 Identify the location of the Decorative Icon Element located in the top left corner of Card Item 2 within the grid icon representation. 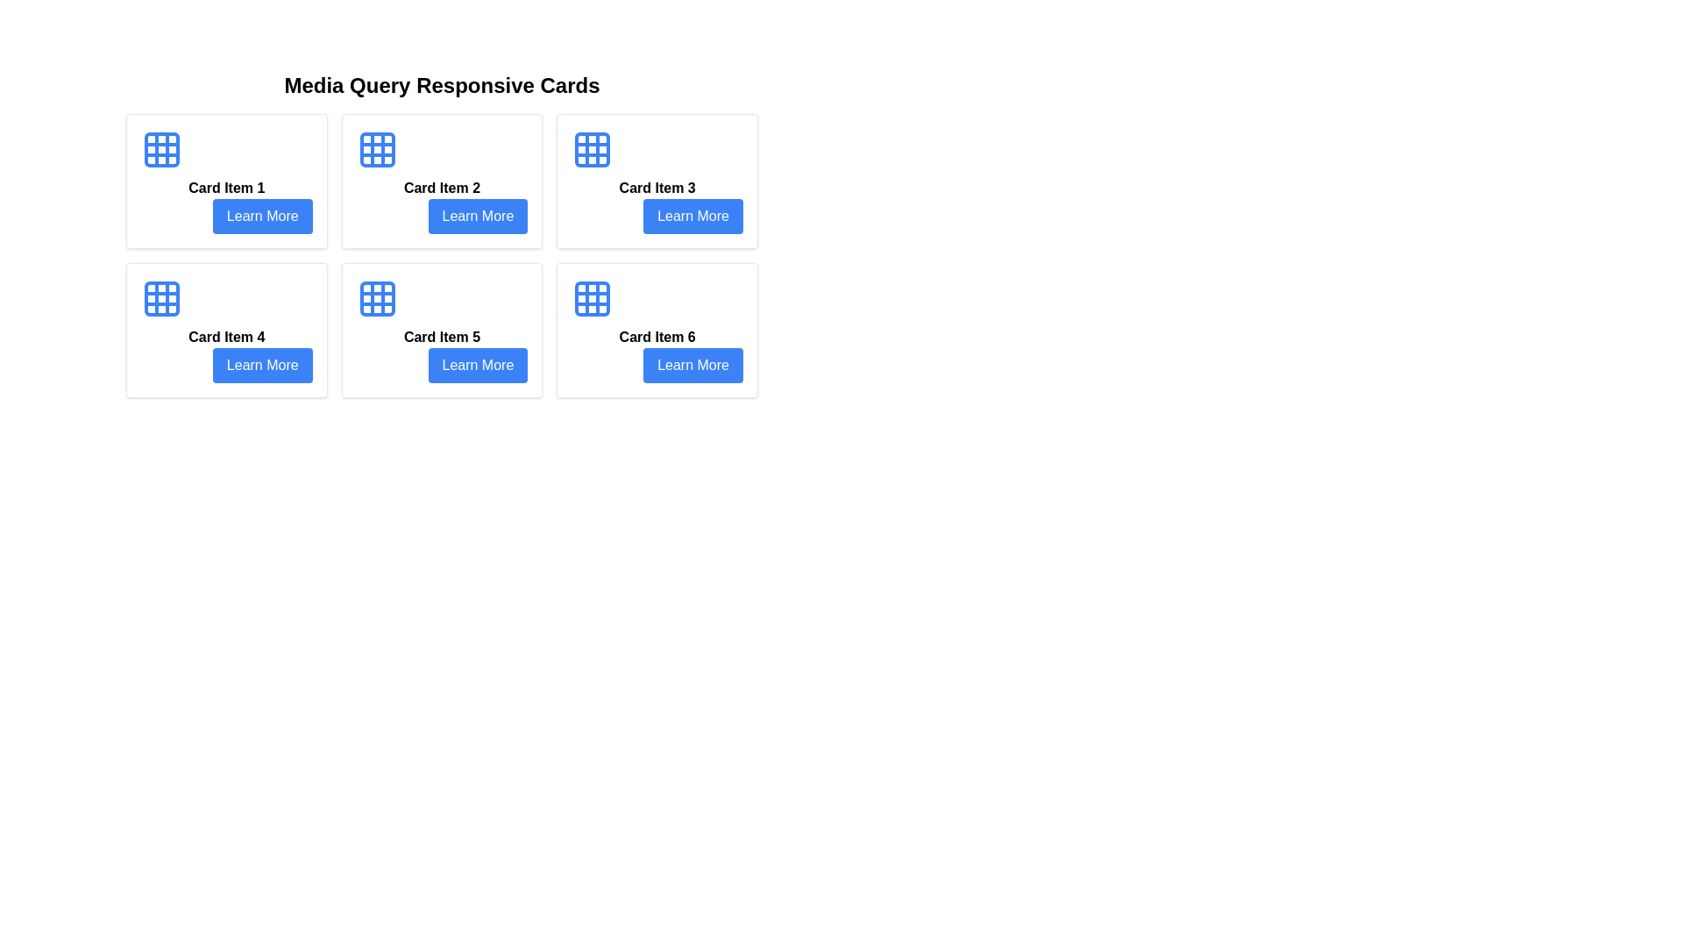
(376, 148).